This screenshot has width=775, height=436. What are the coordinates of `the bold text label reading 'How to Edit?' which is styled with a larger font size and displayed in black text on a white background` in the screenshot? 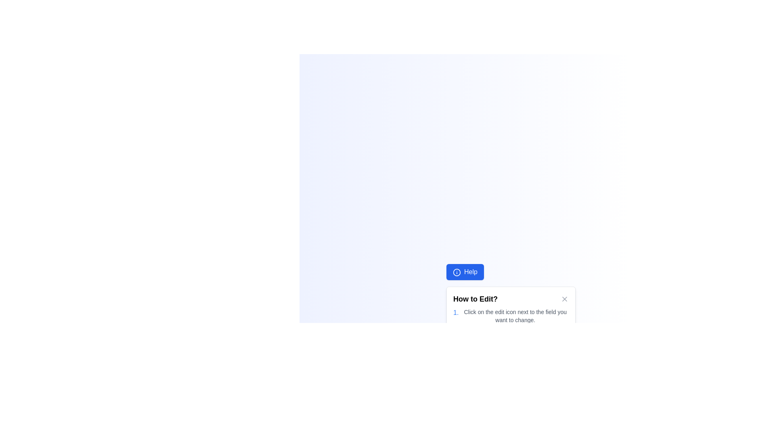 It's located at (475, 299).